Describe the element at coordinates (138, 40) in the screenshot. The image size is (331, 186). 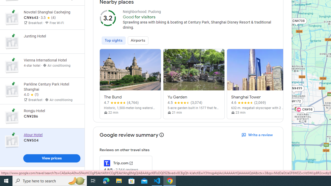
I see `'Airports'` at that location.